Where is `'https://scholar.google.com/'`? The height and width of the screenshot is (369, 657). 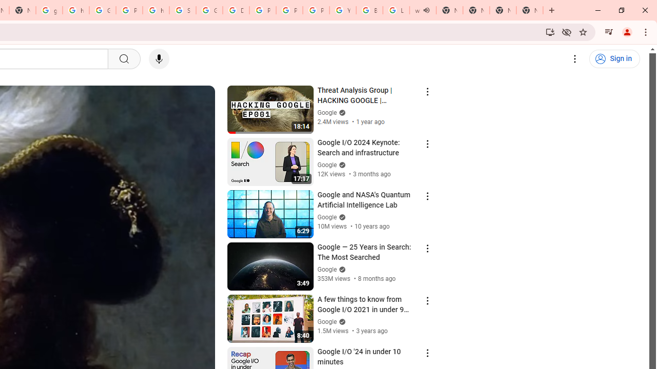 'https://scholar.google.com/' is located at coordinates (75, 10).